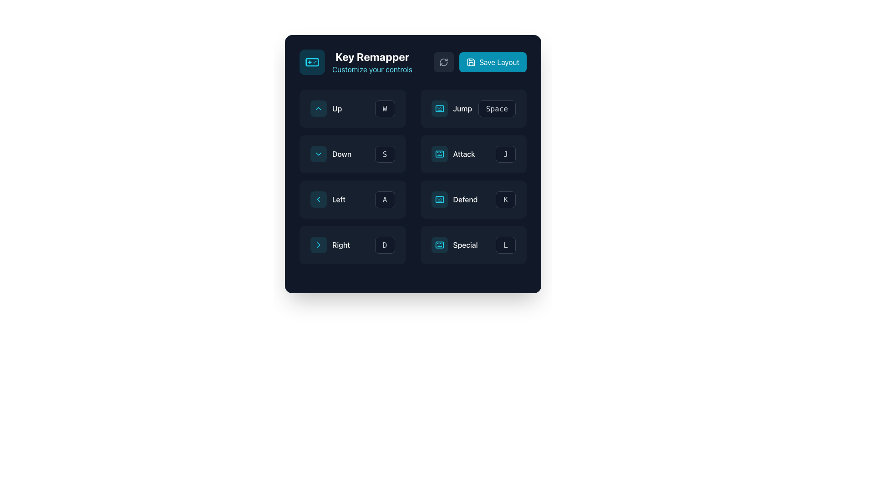 The height and width of the screenshot is (491, 874). I want to click on the 'Jump' key binding button located in the key remapping section, so click(496, 108).